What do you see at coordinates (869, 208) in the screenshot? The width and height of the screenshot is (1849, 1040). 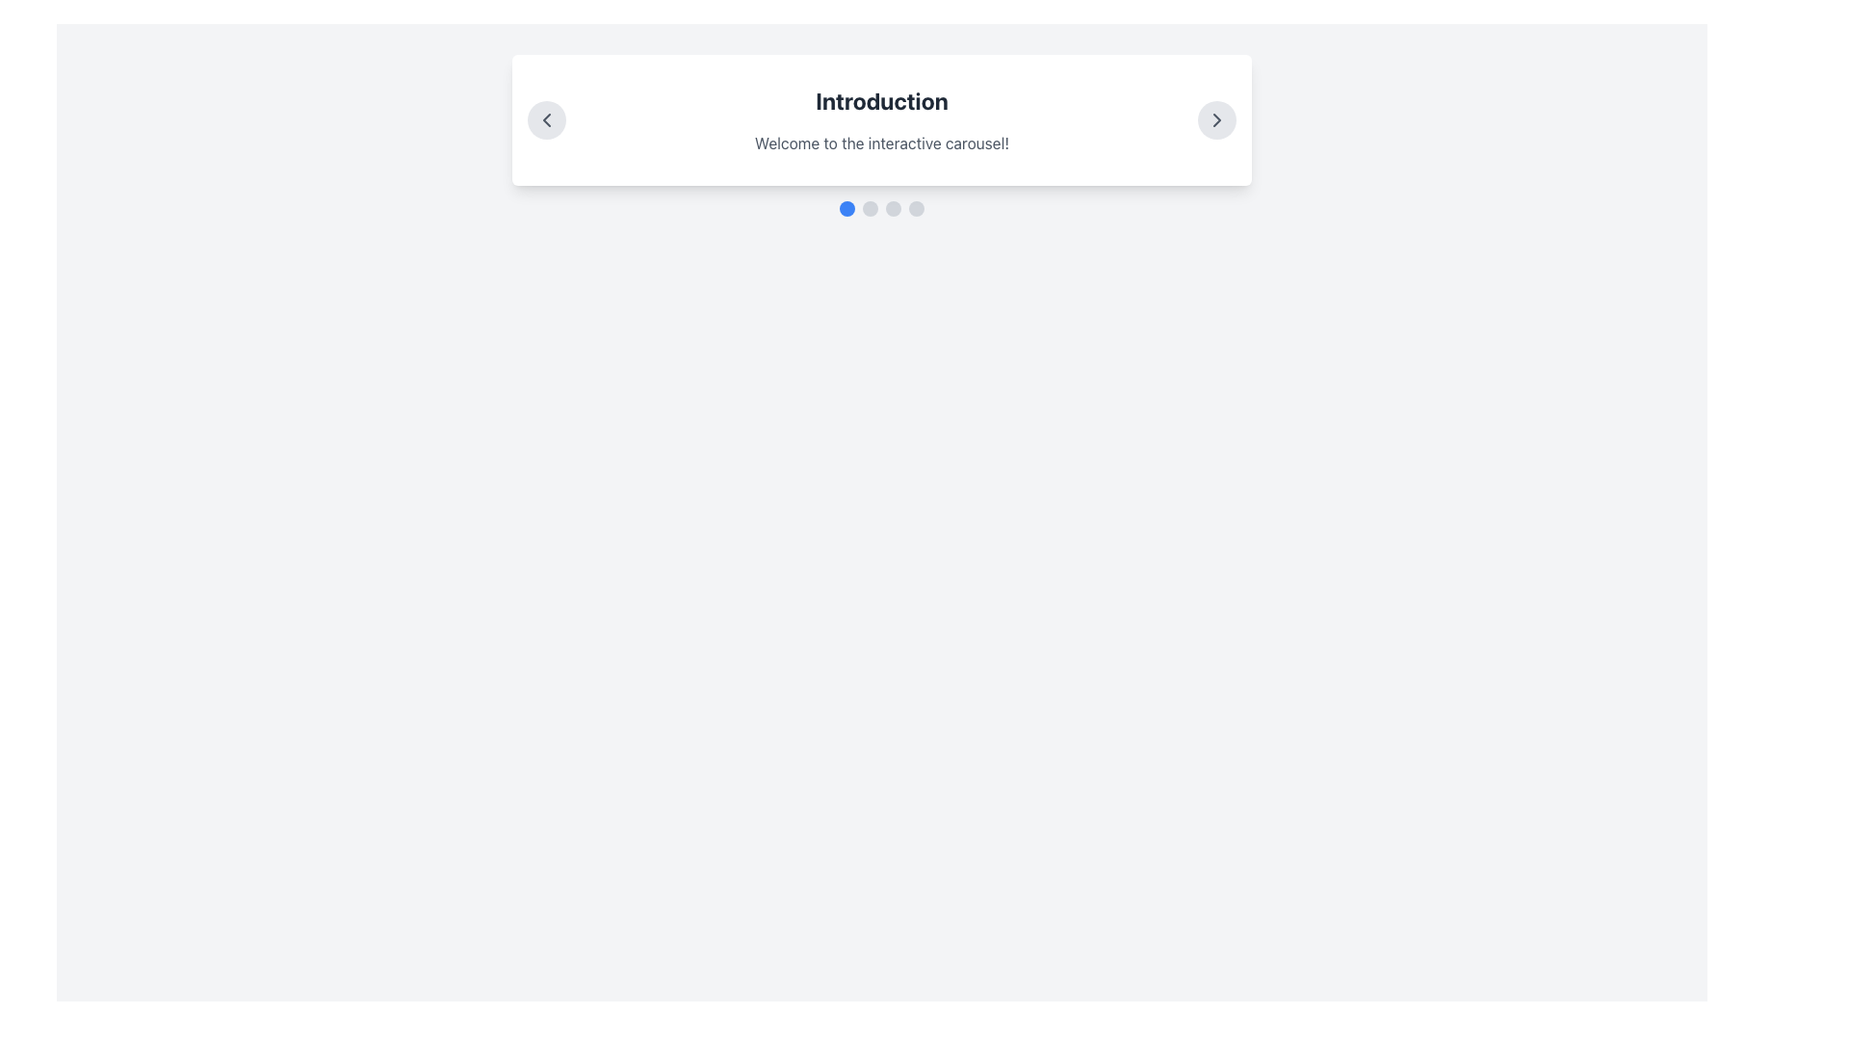 I see `the second navigation dot in the carousel interface` at bounding box center [869, 208].